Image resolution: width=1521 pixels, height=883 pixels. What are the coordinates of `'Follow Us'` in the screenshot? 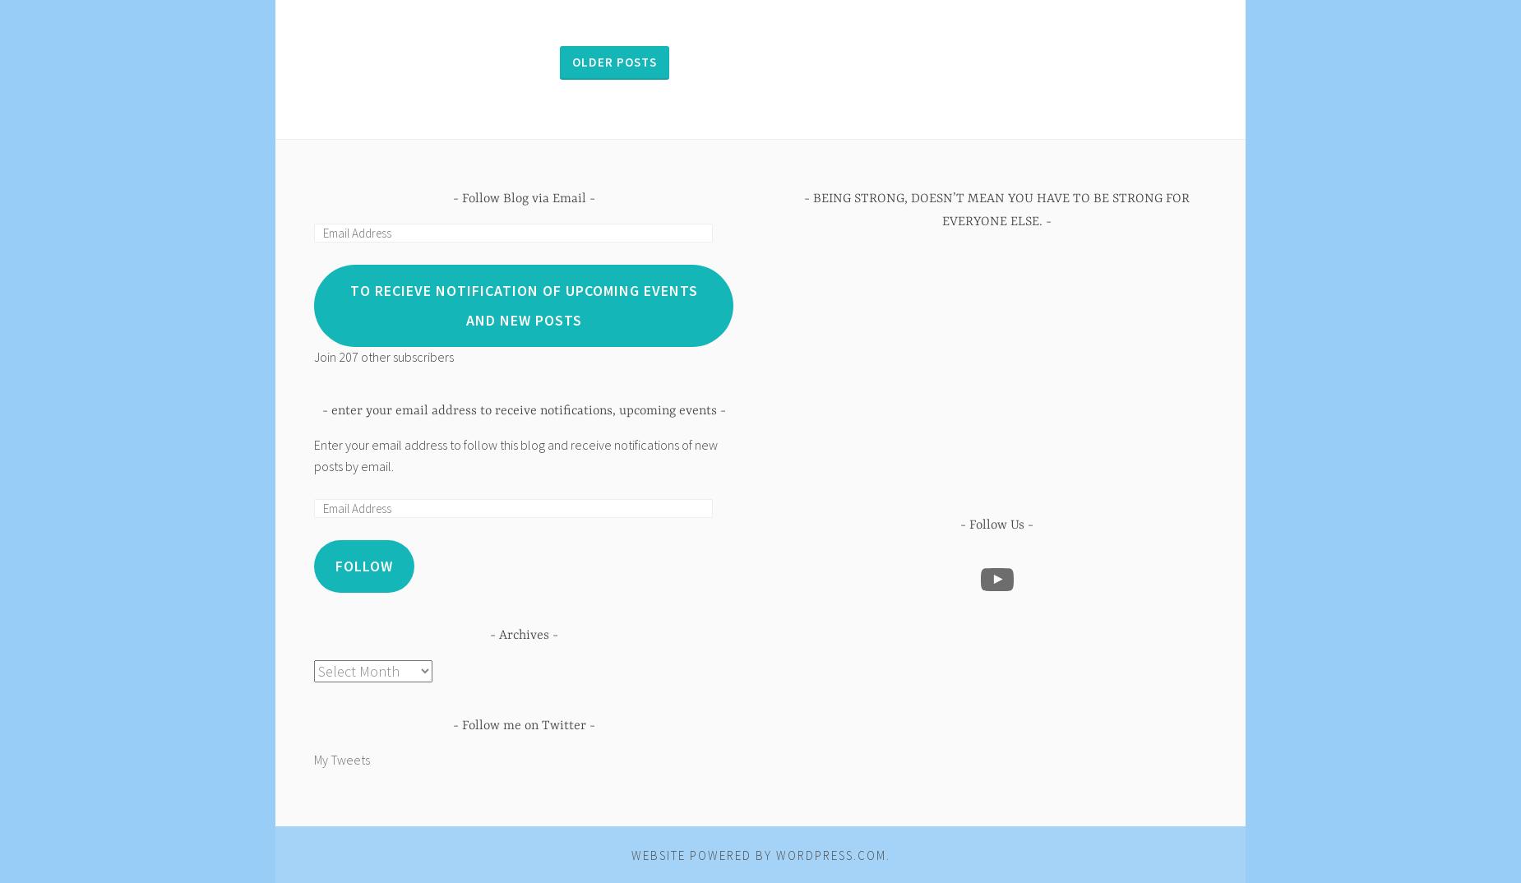 It's located at (996, 525).